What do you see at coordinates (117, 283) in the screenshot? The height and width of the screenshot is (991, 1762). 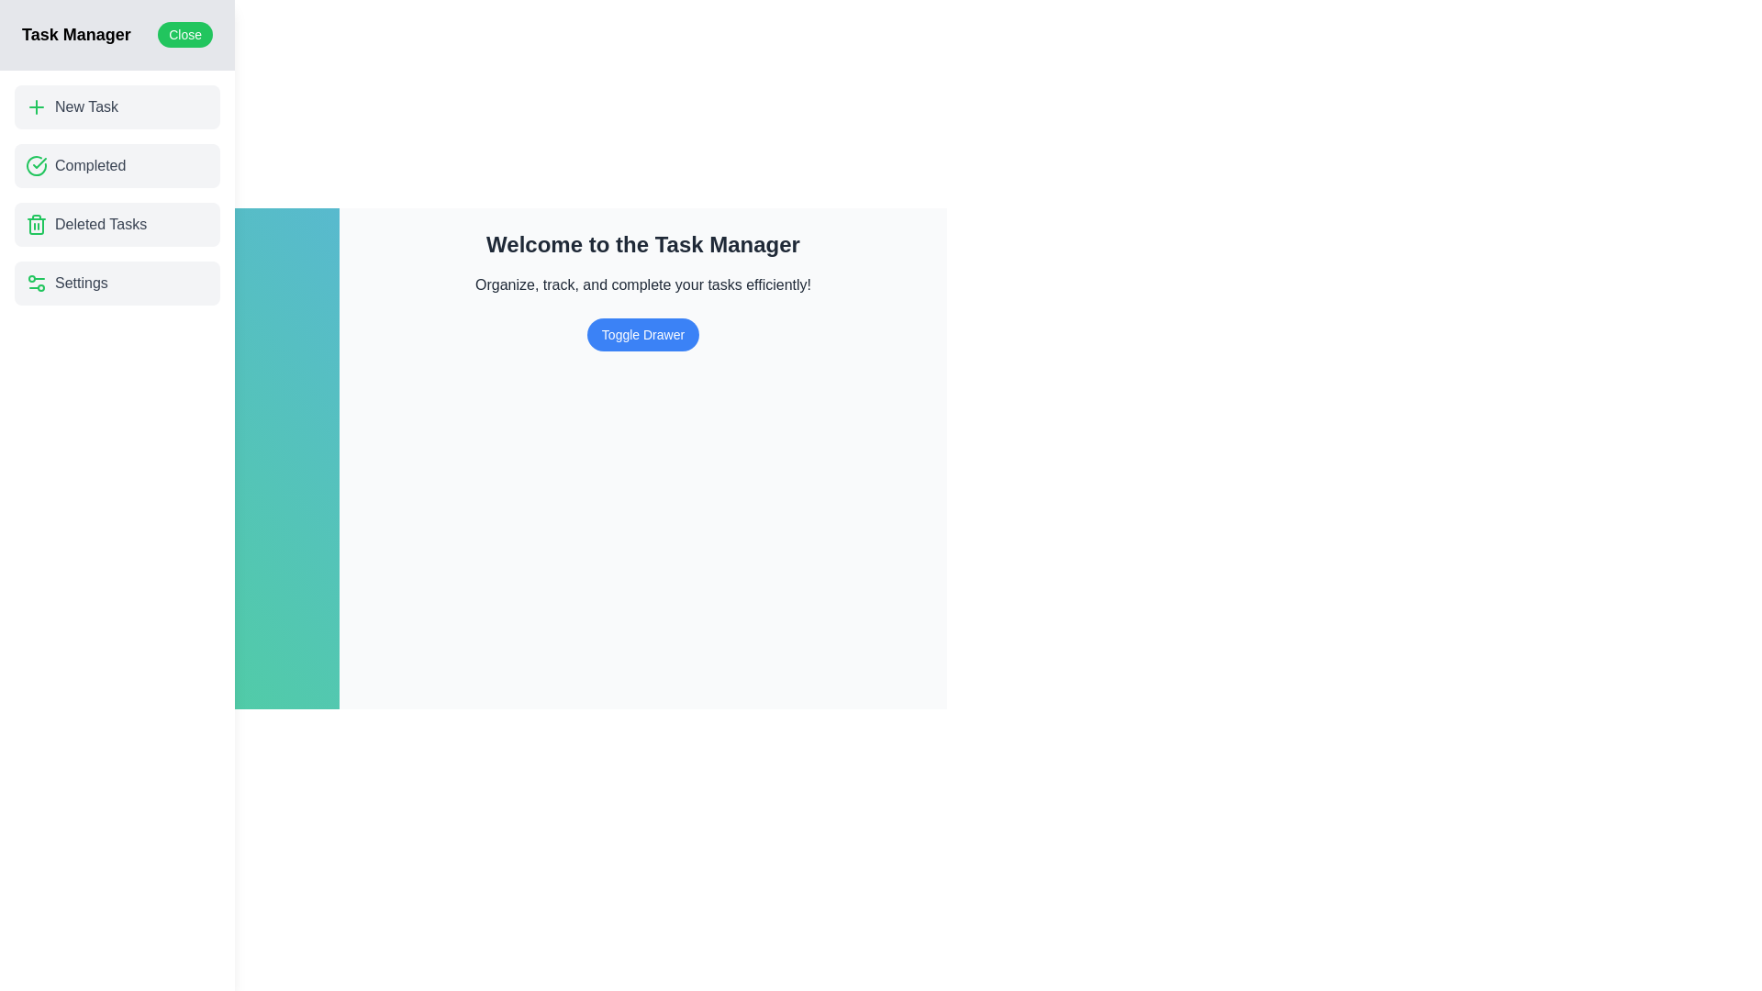 I see `the item Settings from the drawer menu` at bounding box center [117, 283].